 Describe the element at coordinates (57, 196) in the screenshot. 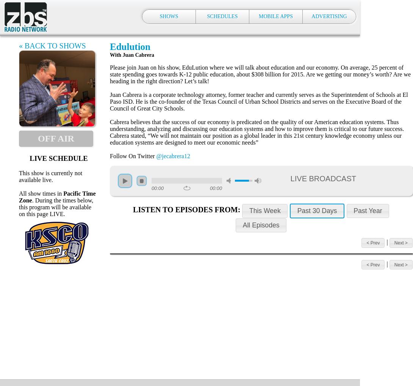

I see `'Pacific Time Zone'` at that location.